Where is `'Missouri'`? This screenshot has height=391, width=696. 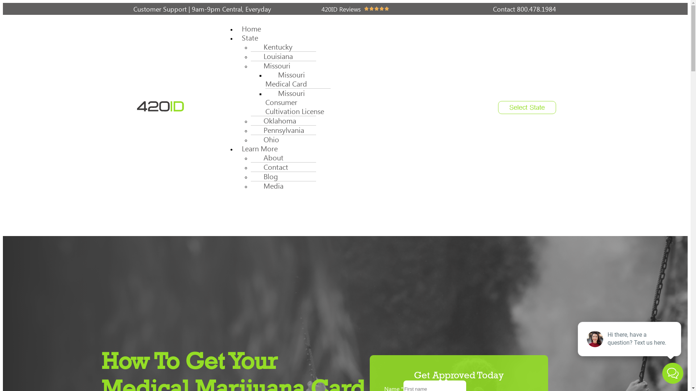
'Missouri' is located at coordinates (273, 66).